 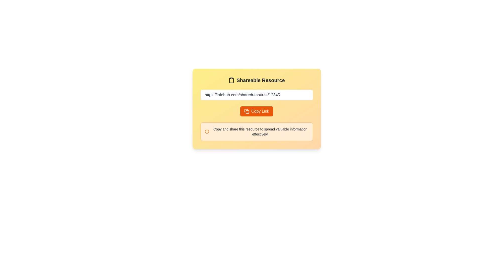 What do you see at coordinates (207, 131) in the screenshot?
I see `the circular shape within the SVG graphic component, which is part of a composite icon located on the right of the larger interface` at bounding box center [207, 131].